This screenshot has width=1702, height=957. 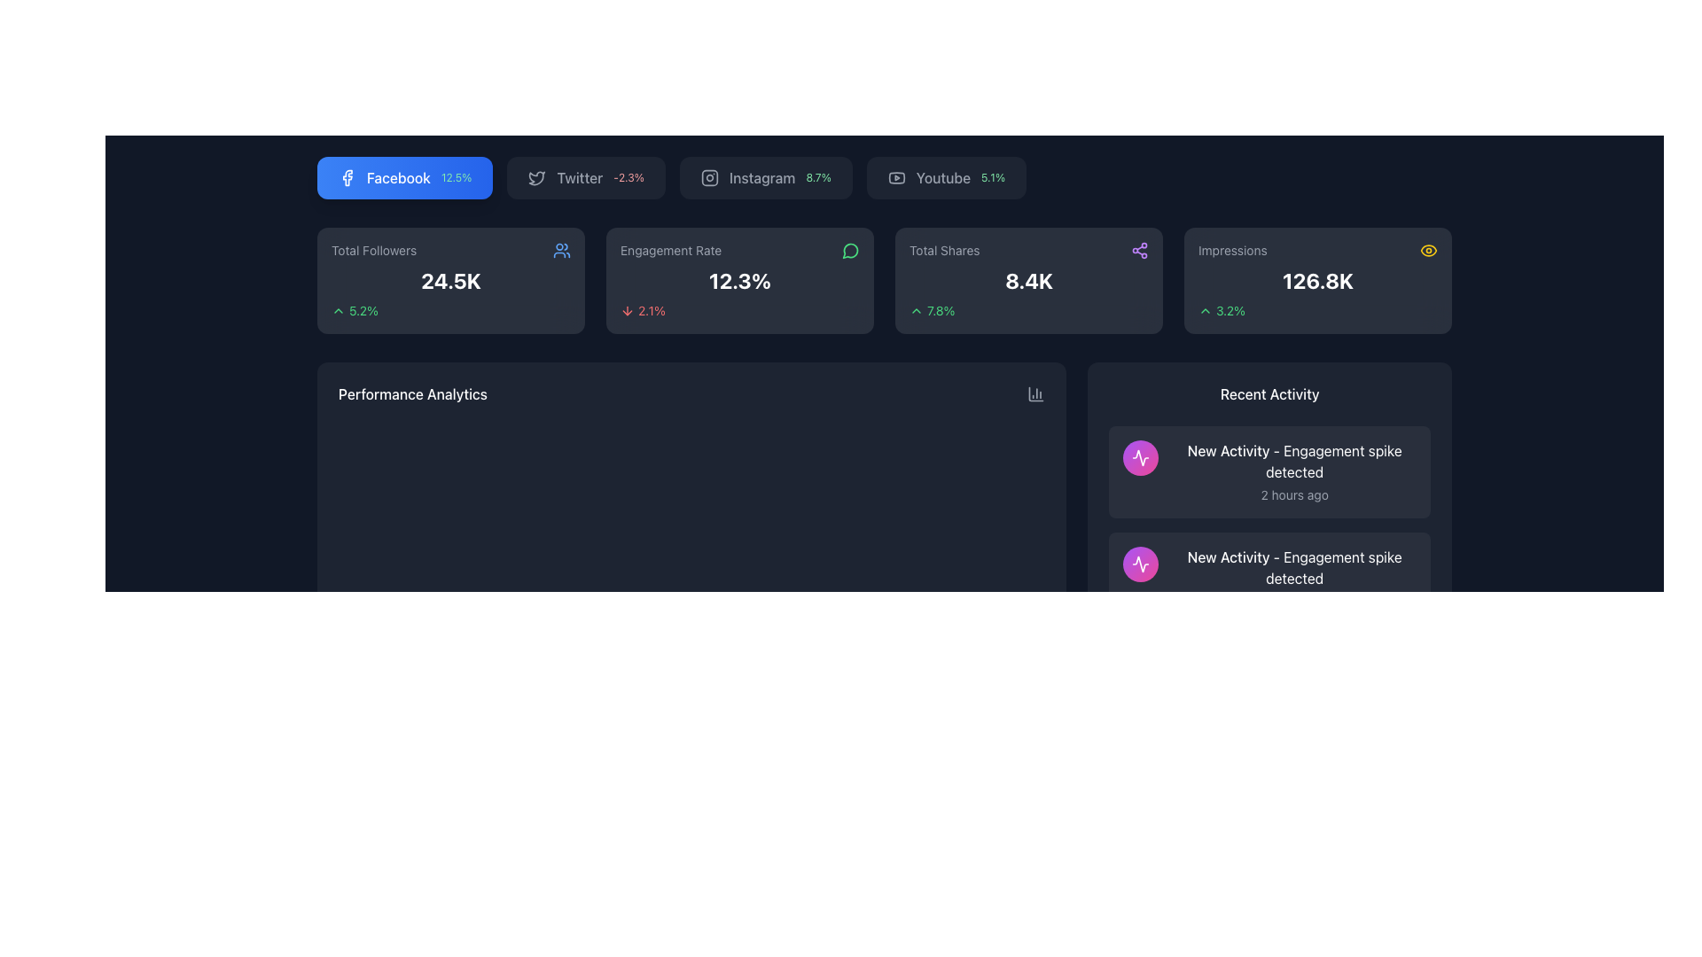 I want to click on the percentage decrease displayed in the informational label showing '2.1%' in red font, located within the 'Engagement Rate' box, so click(x=740, y=310).